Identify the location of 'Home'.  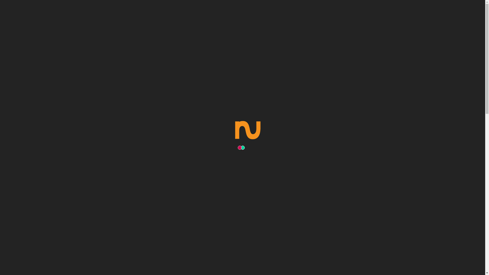
(224, 92).